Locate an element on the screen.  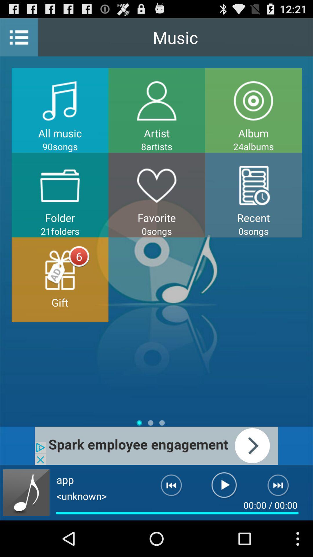
advertisement is located at coordinates (156, 445).